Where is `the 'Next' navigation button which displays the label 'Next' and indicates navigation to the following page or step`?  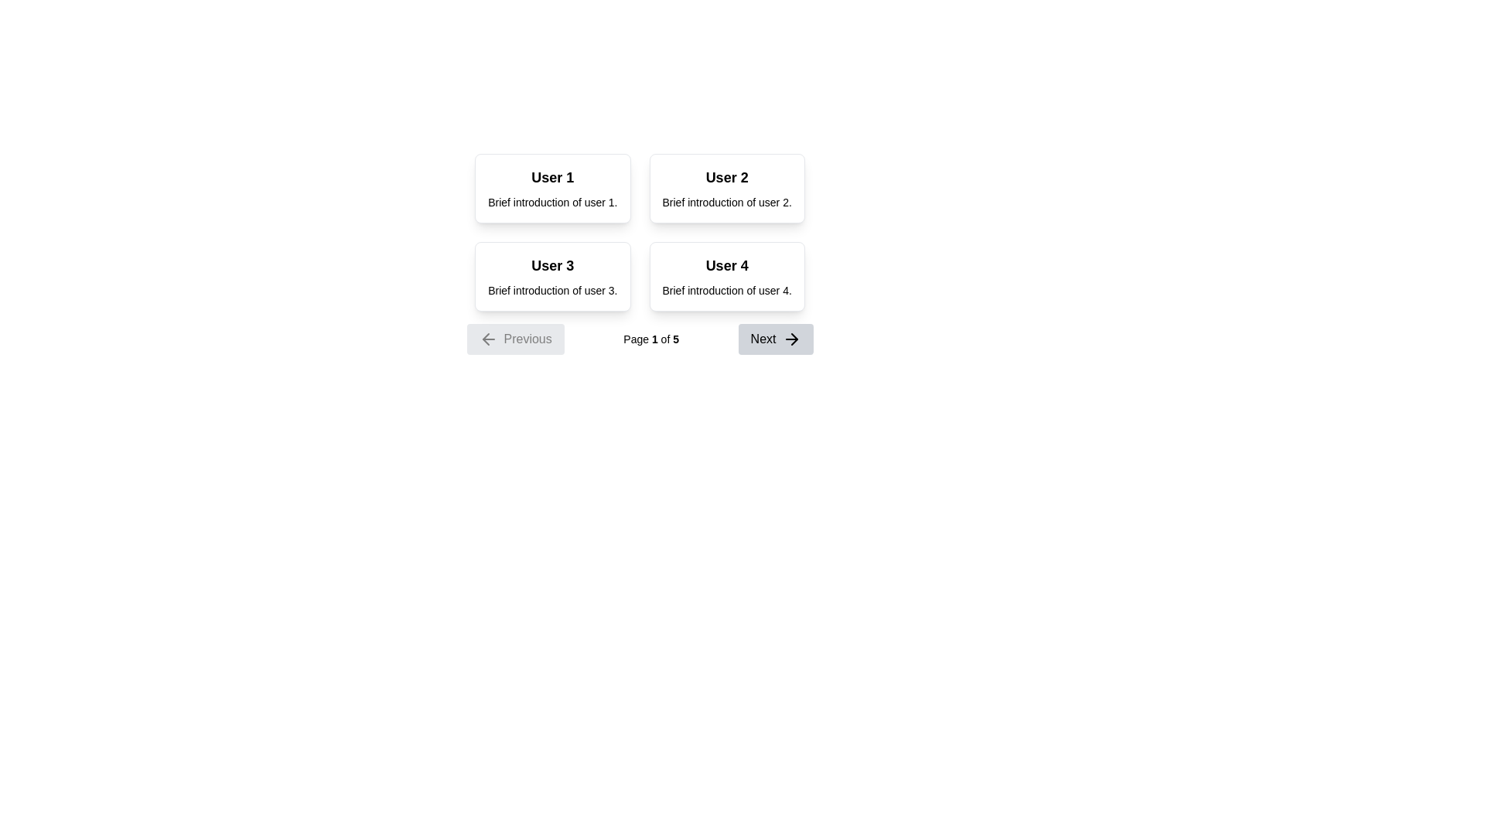
the 'Next' navigation button which displays the label 'Next' and indicates navigation to the following page or step is located at coordinates (763, 339).